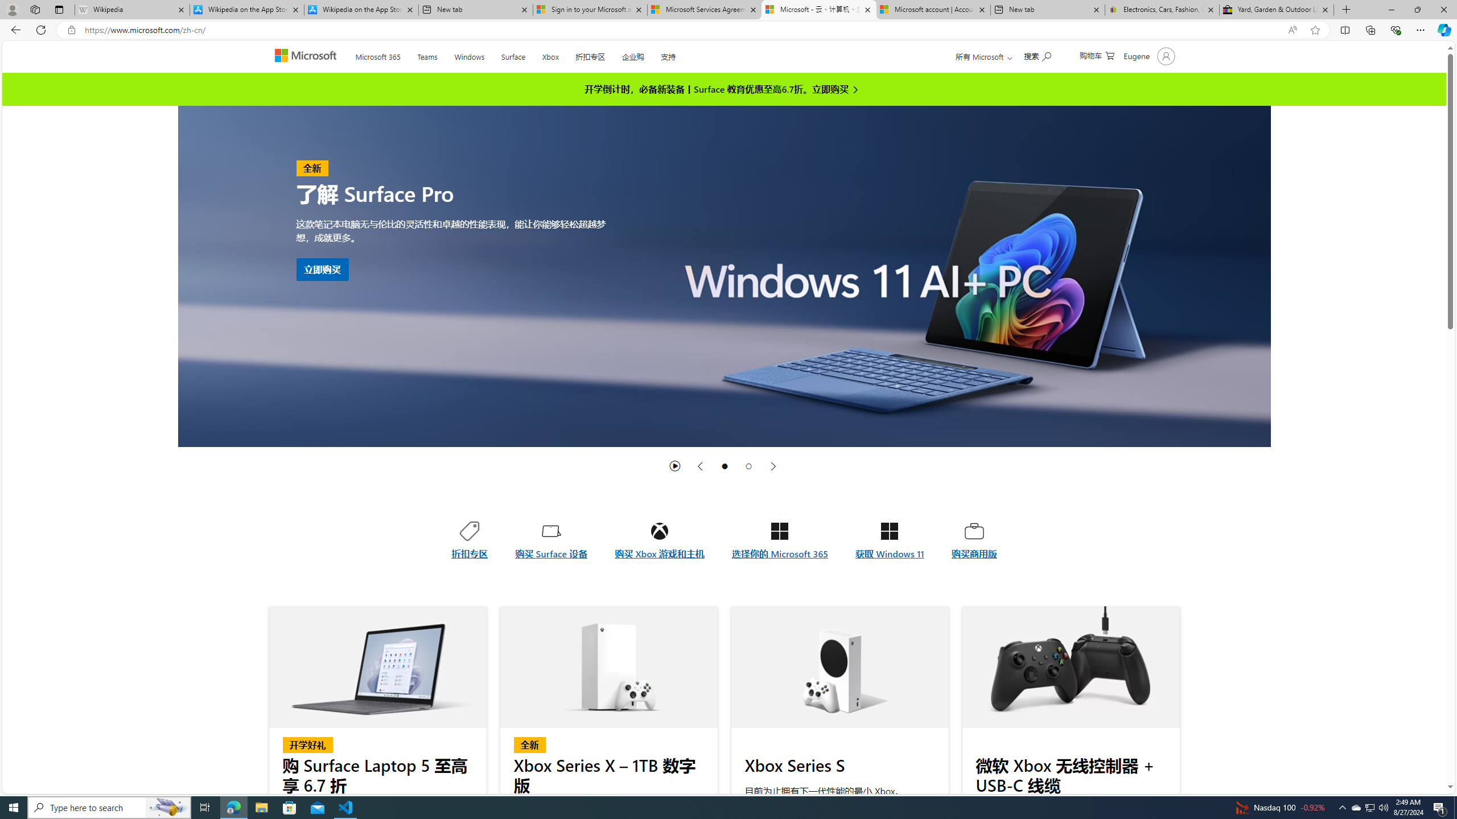  I want to click on 'Sign in to your Microsoft account', so click(589, 9).